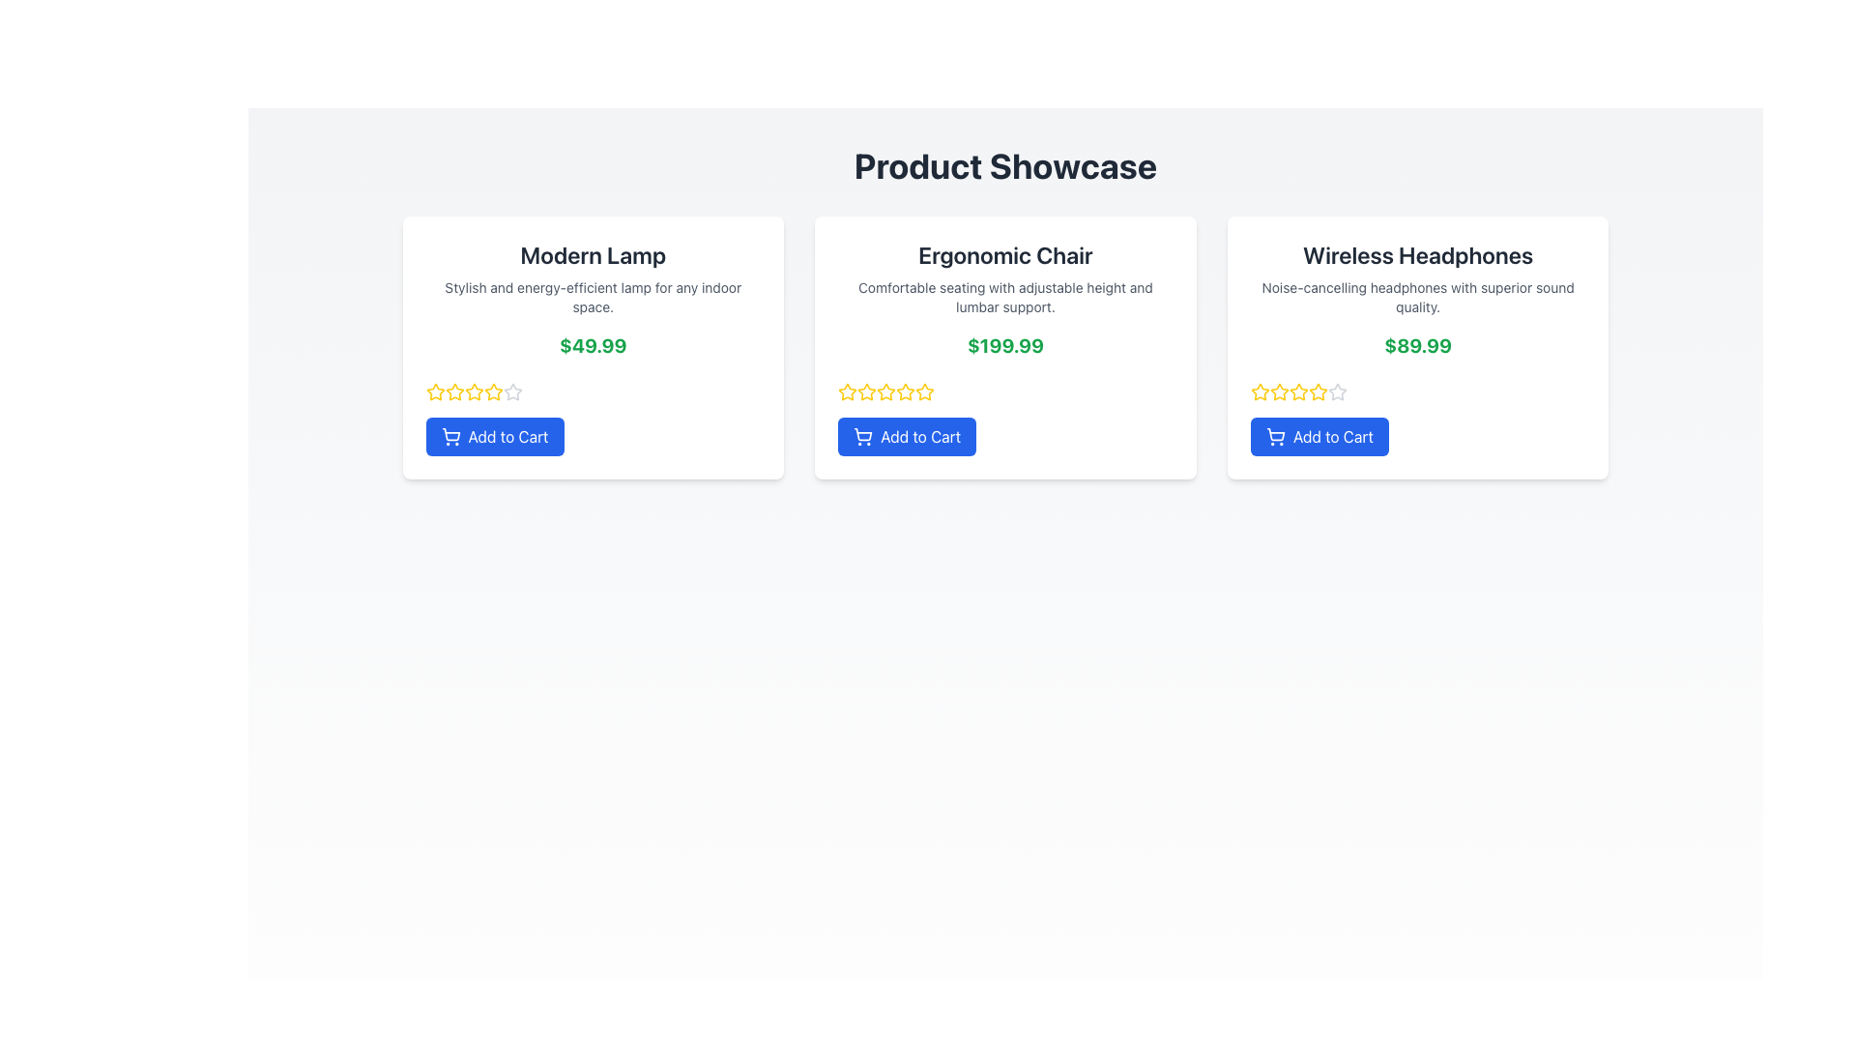 Image resolution: width=1856 pixels, height=1044 pixels. What do you see at coordinates (592, 345) in the screenshot?
I see `the bold green text displaying '$49.99' within the product card for the 'Modern Lamp', which is positioned below the product description and above the star ratings` at bounding box center [592, 345].